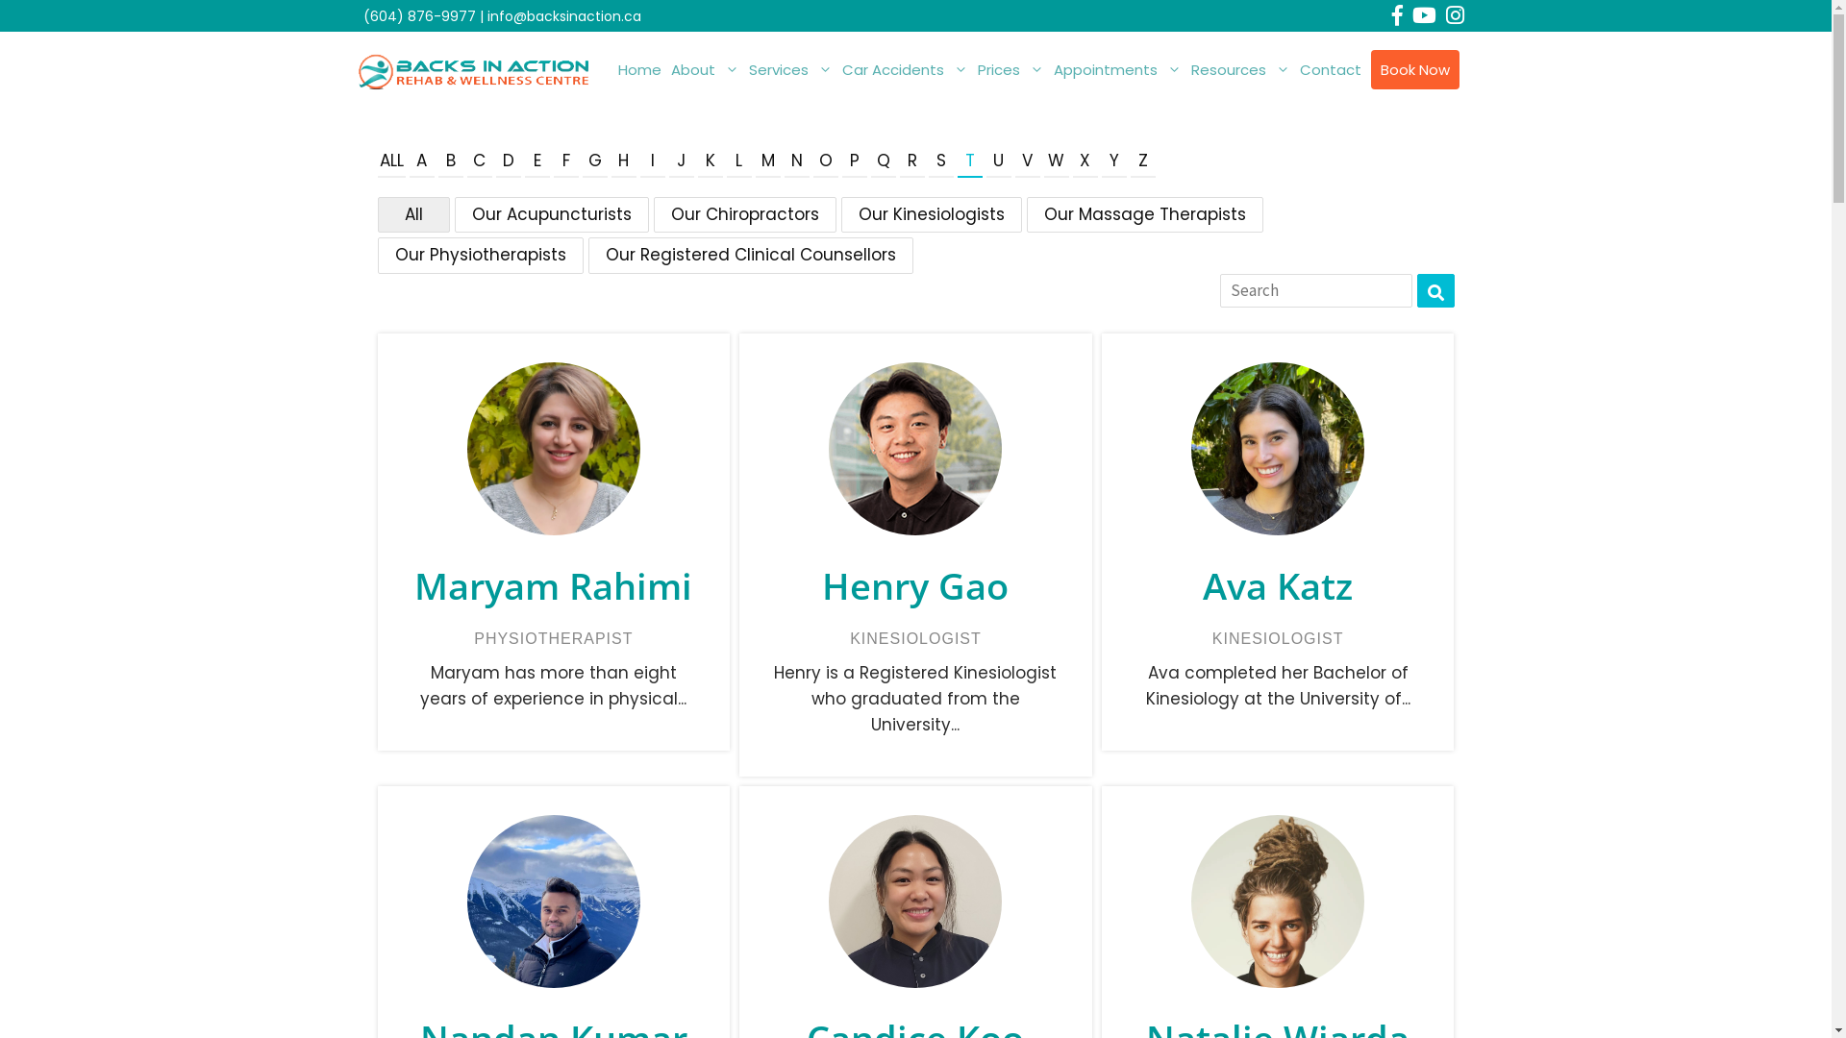 Image resolution: width=1846 pixels, height=1038 pixels. I want to click on 'Appointments', so click(1046, 69).